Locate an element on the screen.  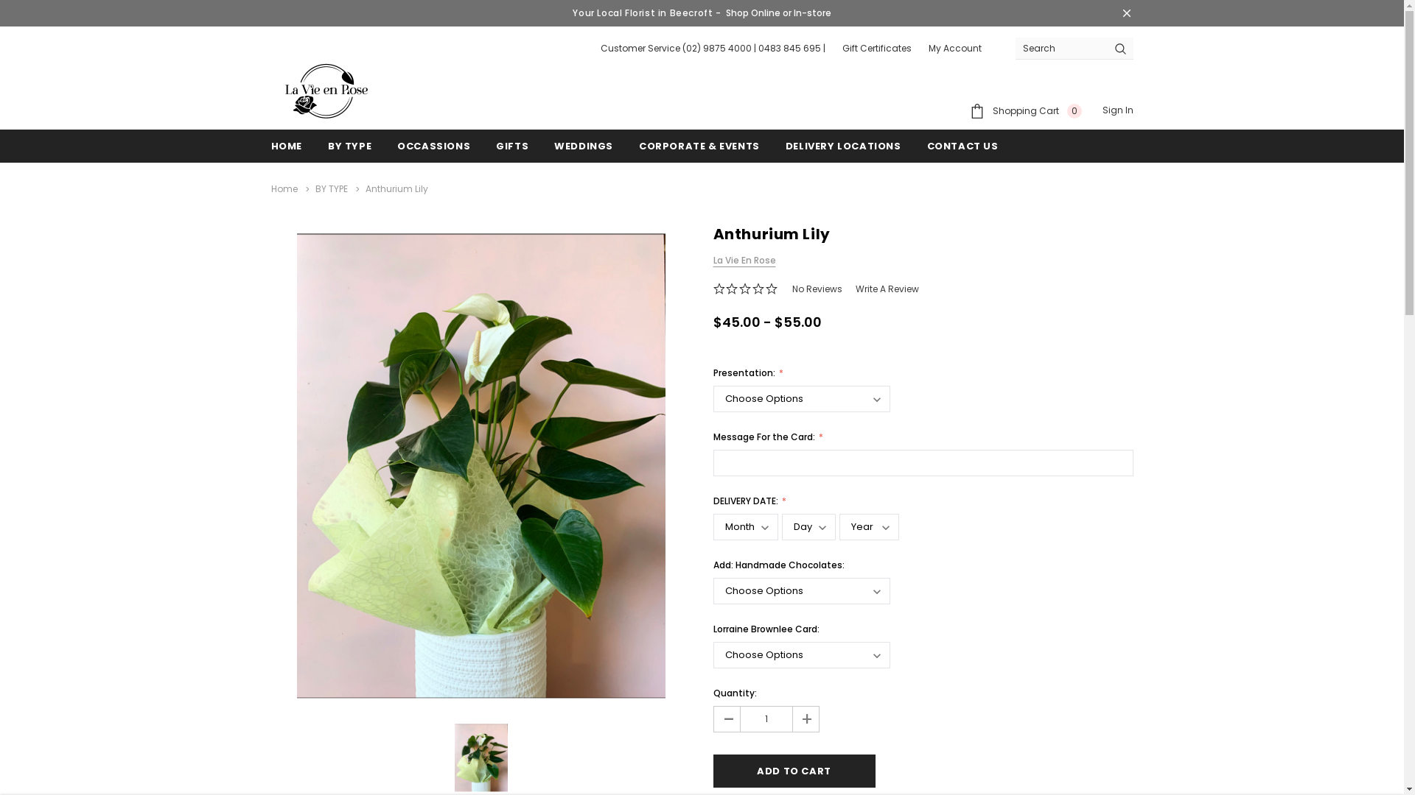
'BY TYPE' is located at coordinates (331, 188).